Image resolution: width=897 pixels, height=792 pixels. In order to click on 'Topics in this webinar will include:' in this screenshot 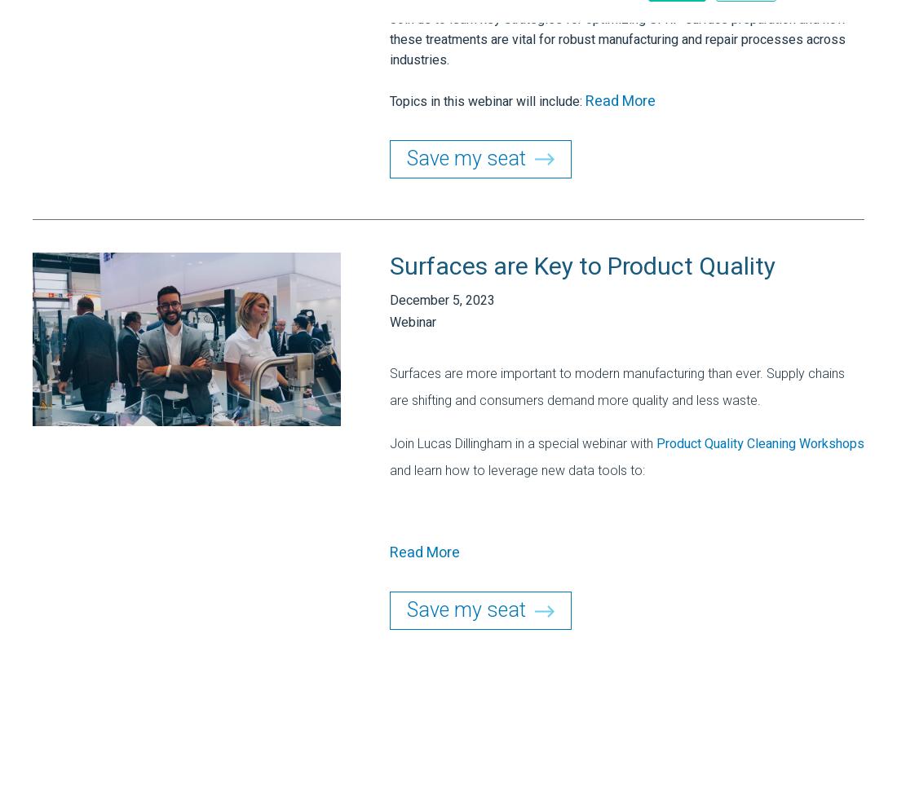, I will do `click(484, 101)`.